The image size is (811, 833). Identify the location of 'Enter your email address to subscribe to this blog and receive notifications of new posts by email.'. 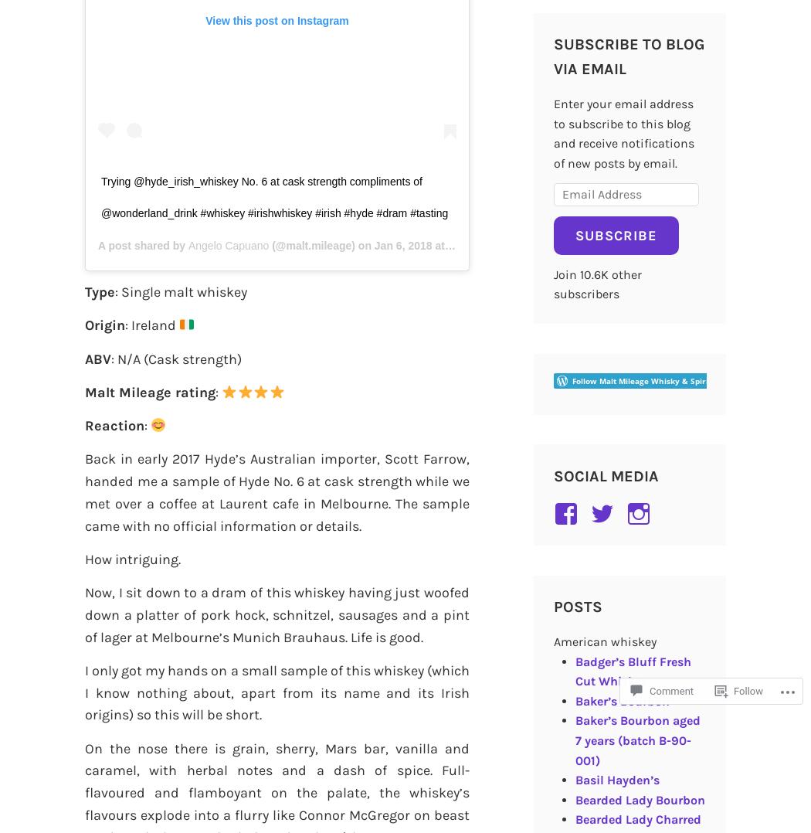
(623, 133).